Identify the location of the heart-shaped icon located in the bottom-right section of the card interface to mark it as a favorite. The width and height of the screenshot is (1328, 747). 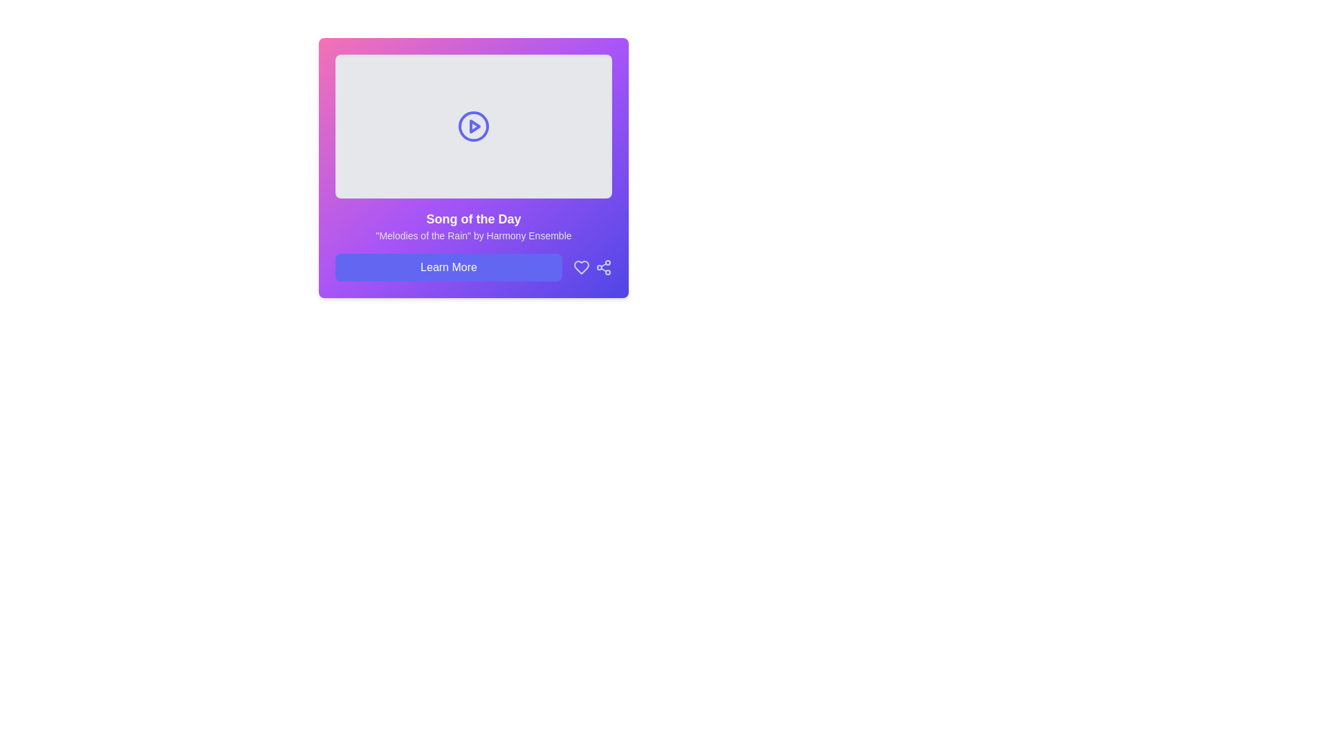
(581, 267).